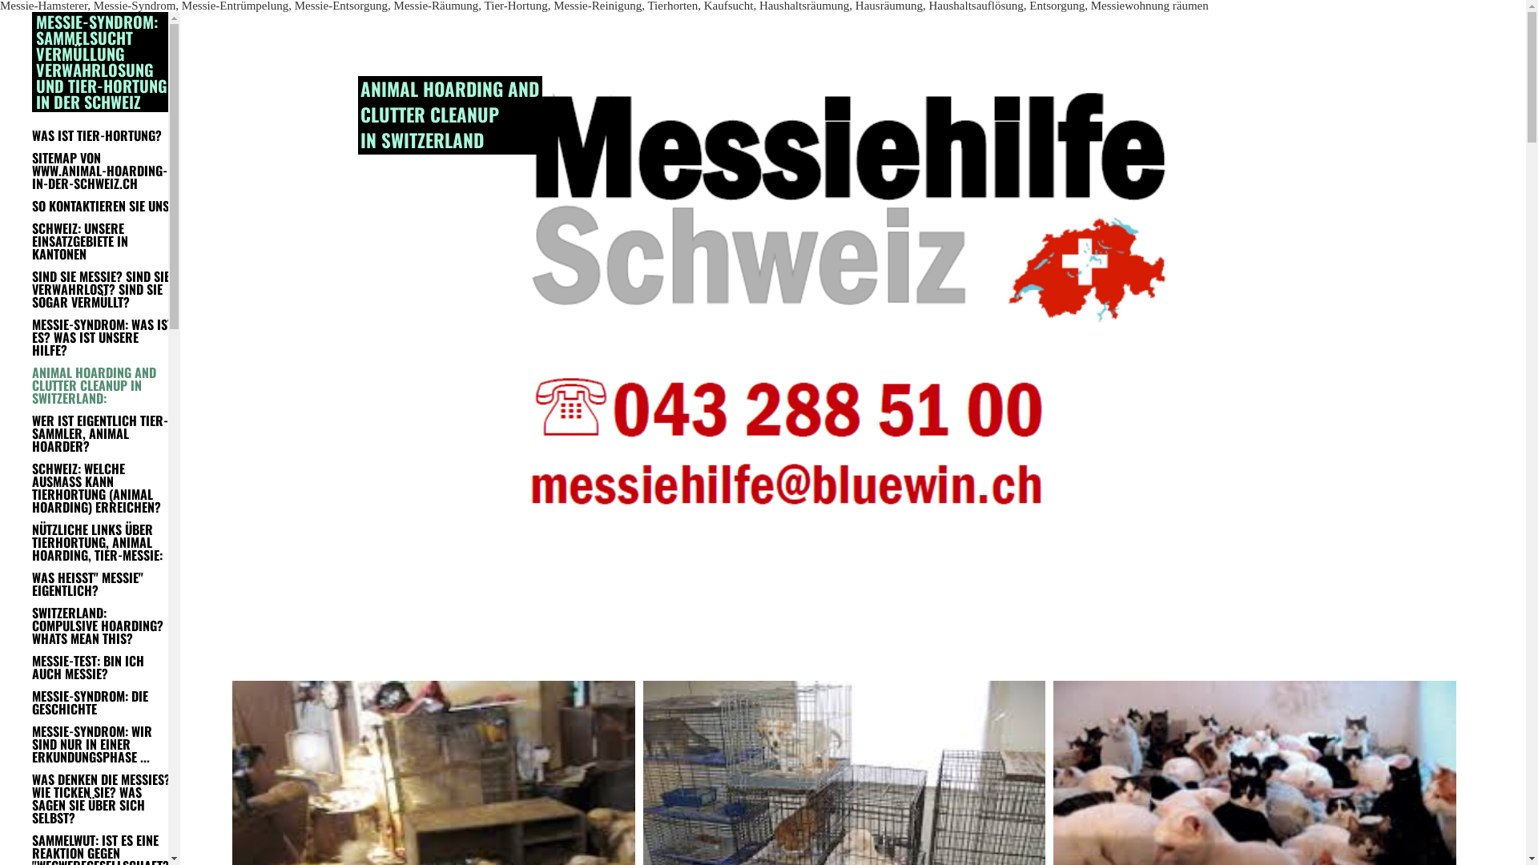  Describe the element at coordinates (31, 701) in the screenshot. I see `'MESSIE-SYNDROM: DIE GESCHICHTE'` at that location.